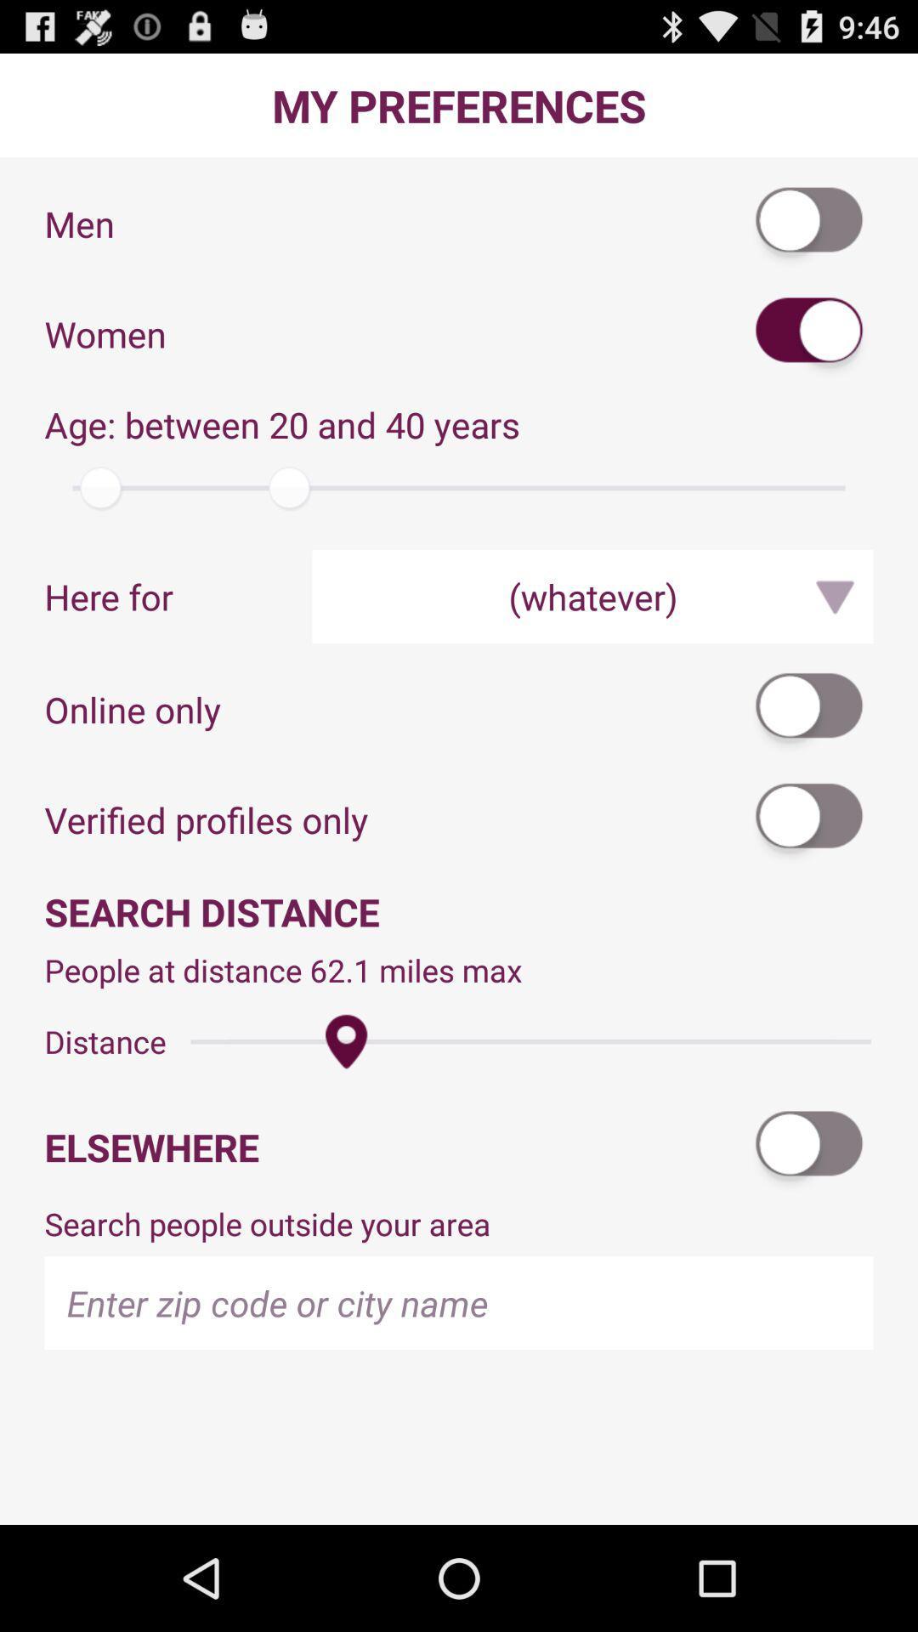  Describe the element at coordinates (809, 1147) in the screenshot. I see `elsewhere setting` at that location.